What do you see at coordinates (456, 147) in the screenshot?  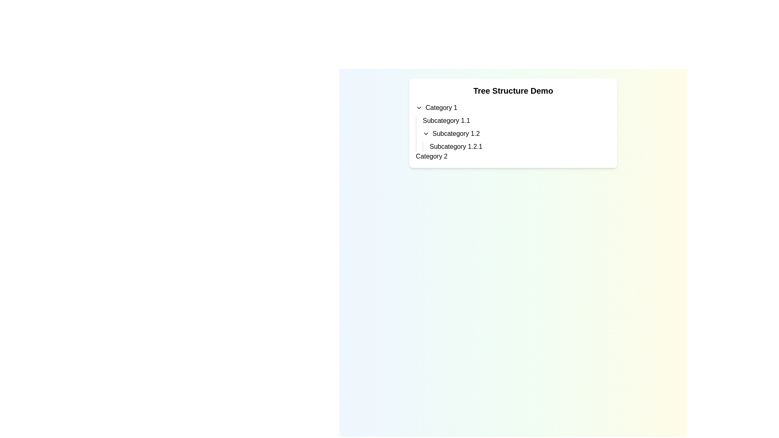 I see `text label that represents a specific subcategory within the 'Tree Structure Demo', which is nested under 'Subcategory 1.2'` at bounding box center [456, 147].